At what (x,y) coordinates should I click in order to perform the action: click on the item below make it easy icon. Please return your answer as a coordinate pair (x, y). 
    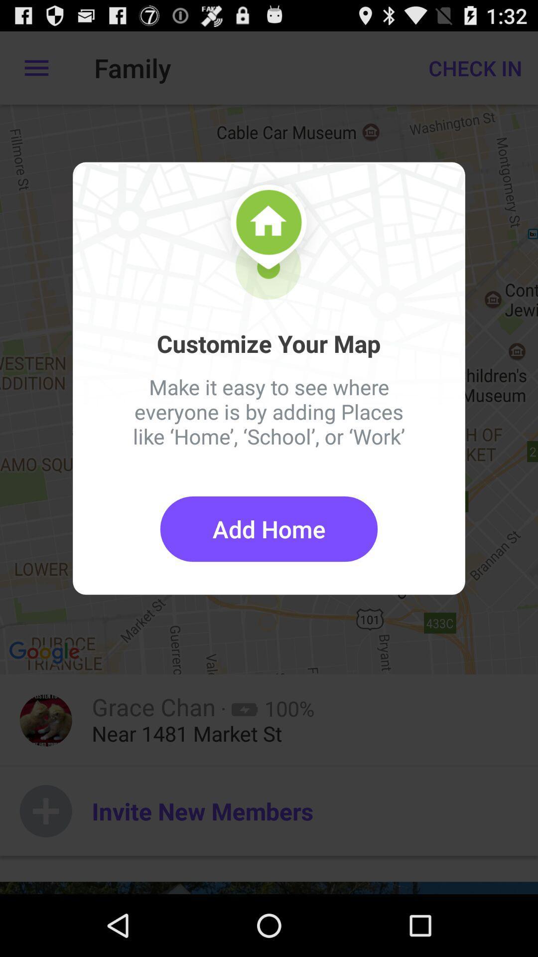
    Looking at the image, I should click on (269, 528).